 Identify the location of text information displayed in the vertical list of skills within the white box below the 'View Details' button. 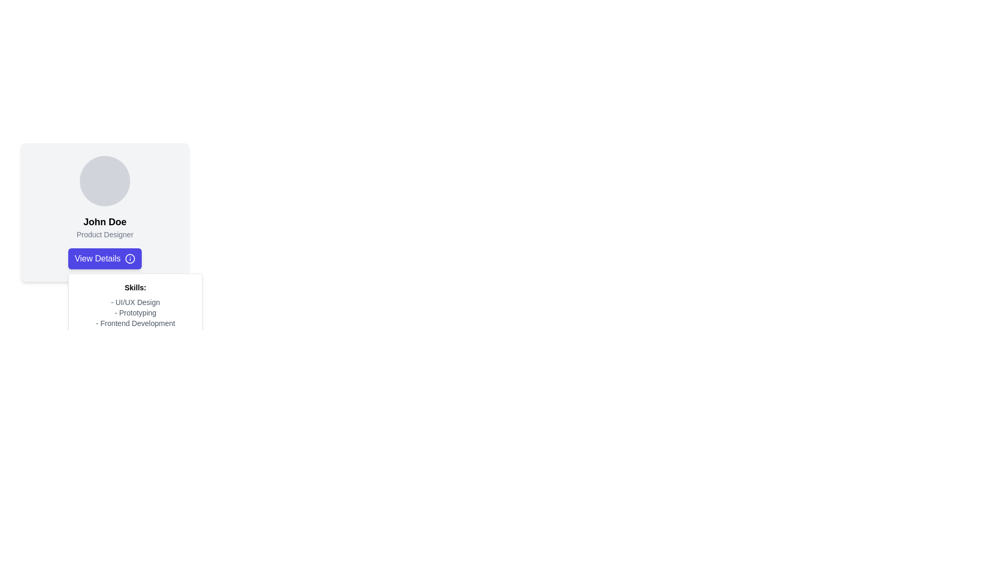
(135, 306).